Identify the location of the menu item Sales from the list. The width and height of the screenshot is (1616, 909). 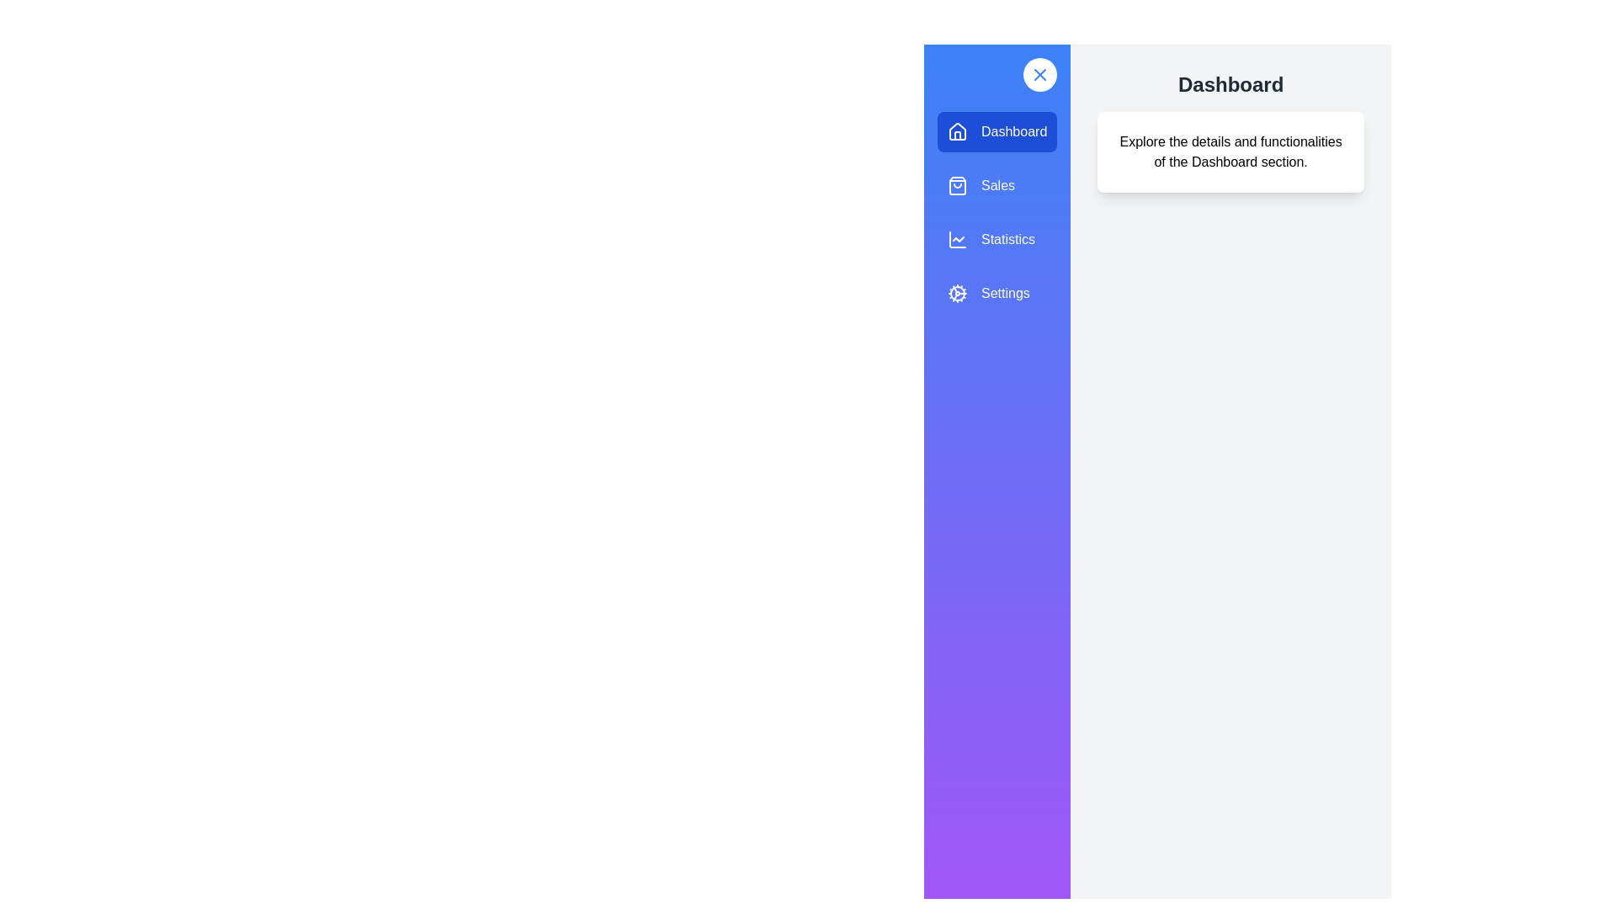
(997, 185).